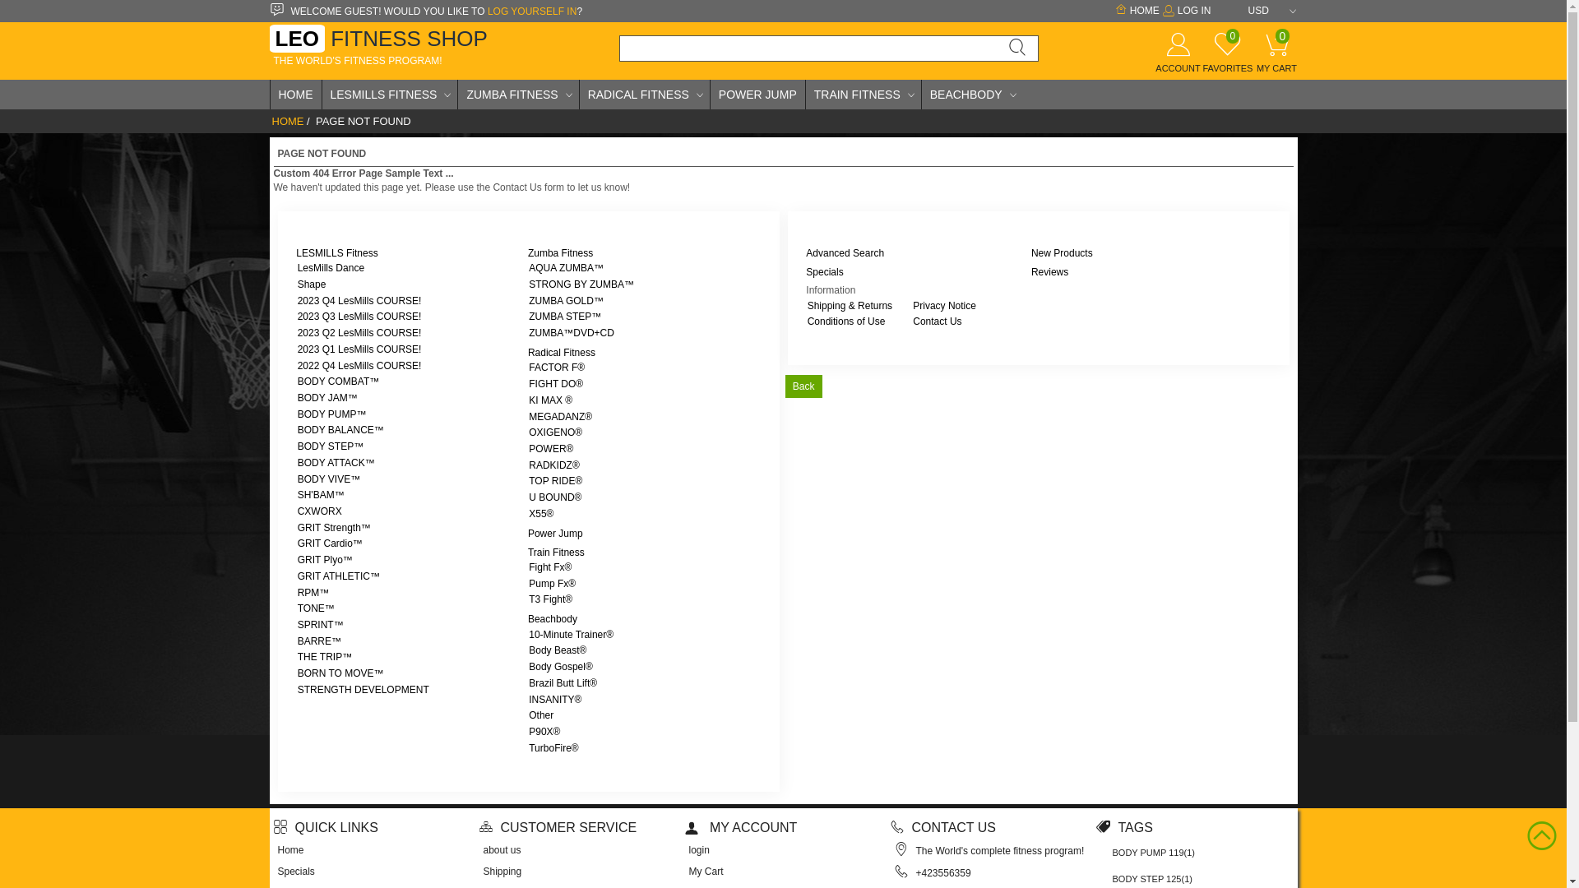 This screenshot has width=1579, height=888. Describe the element at coordinates (516, 95) in the screenshot. I see `'ZUMBA FITNESS'` at that location.